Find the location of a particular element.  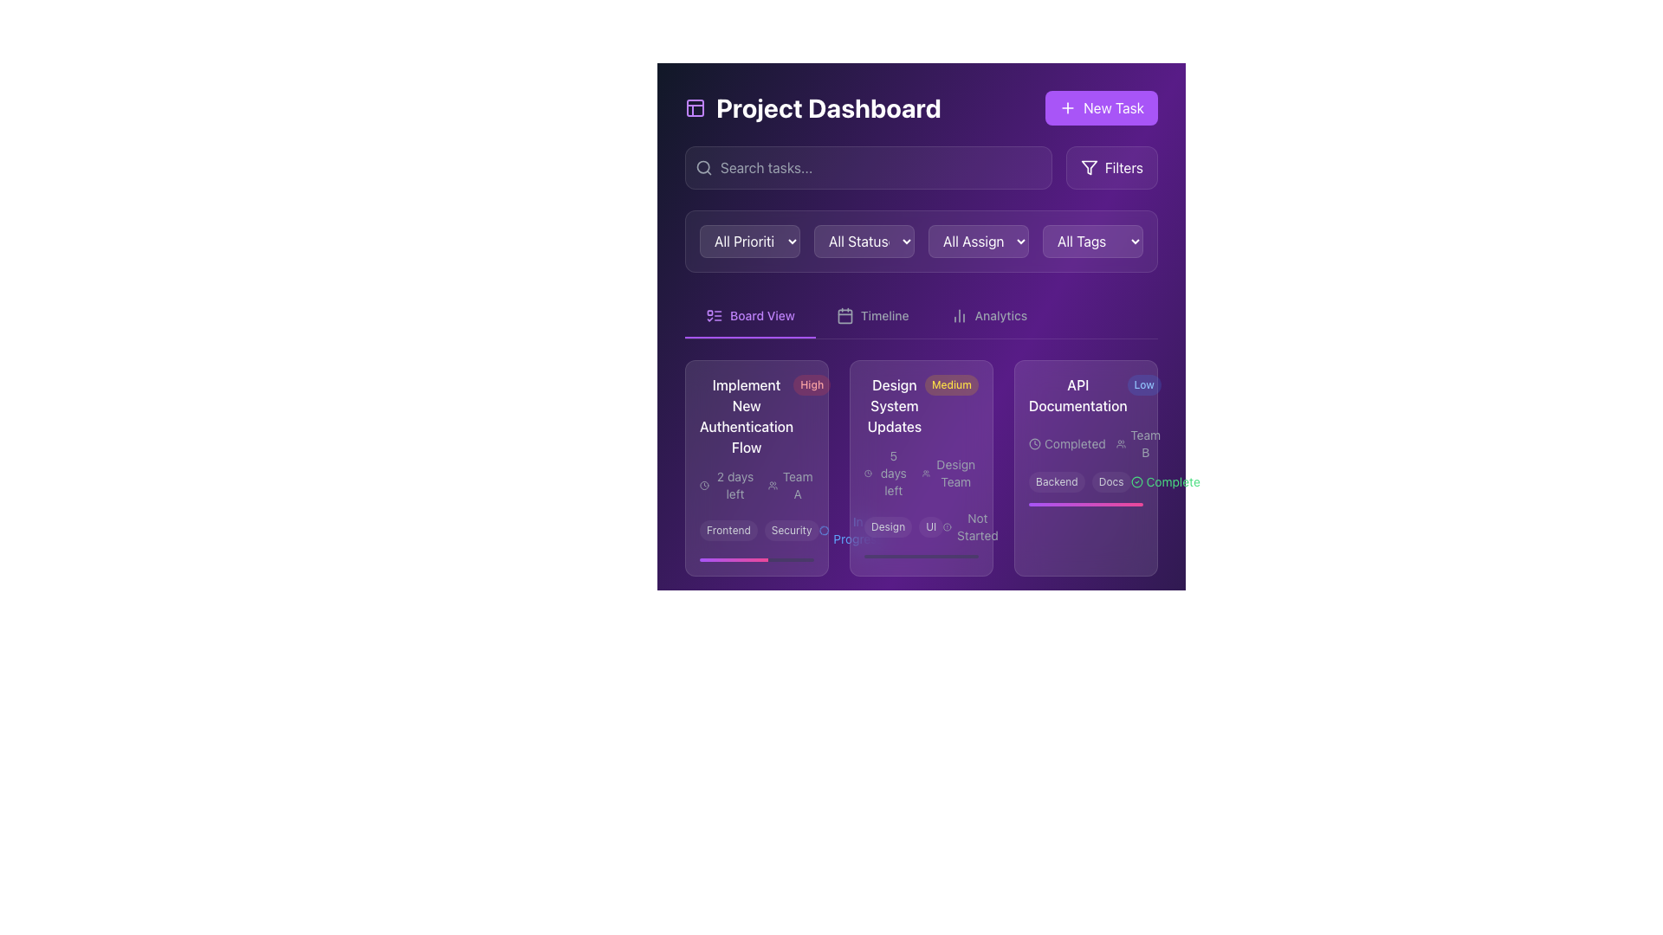

the information conveyed by the label or tag located within the 'Design System Updates' card, positioned to the left of the 'UI' label in a horizontally aligned group is located at coordinates (888, 526).